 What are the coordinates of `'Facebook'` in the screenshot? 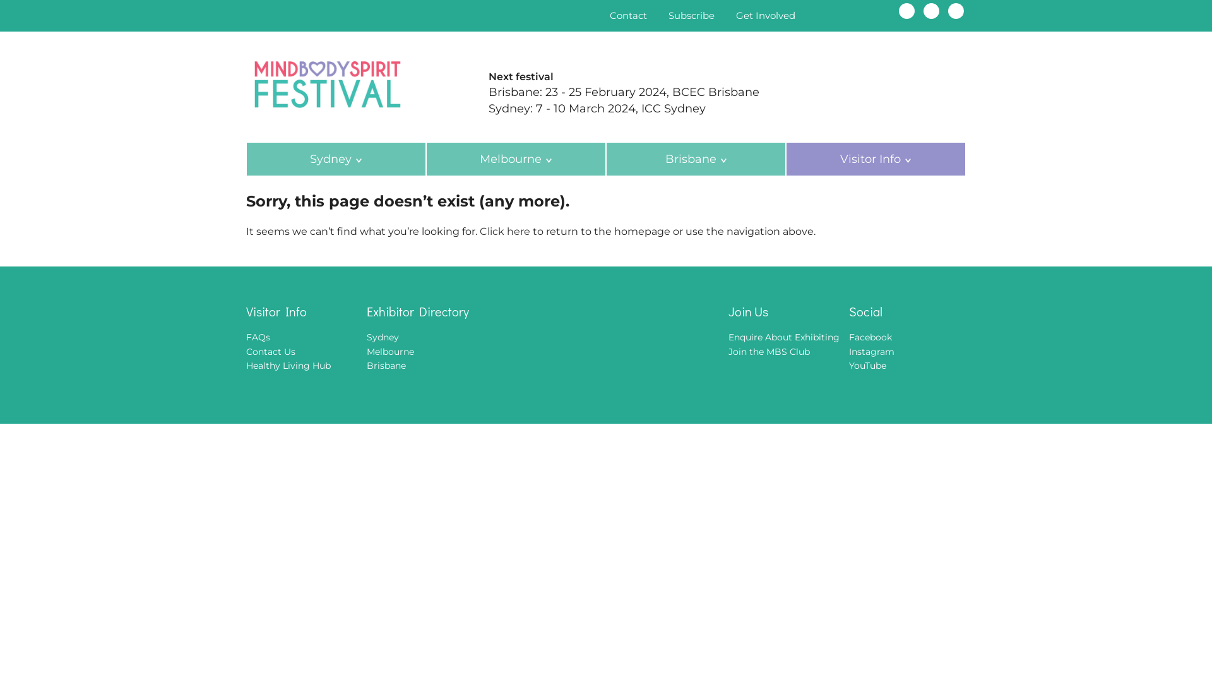 It's located at (906, 11).